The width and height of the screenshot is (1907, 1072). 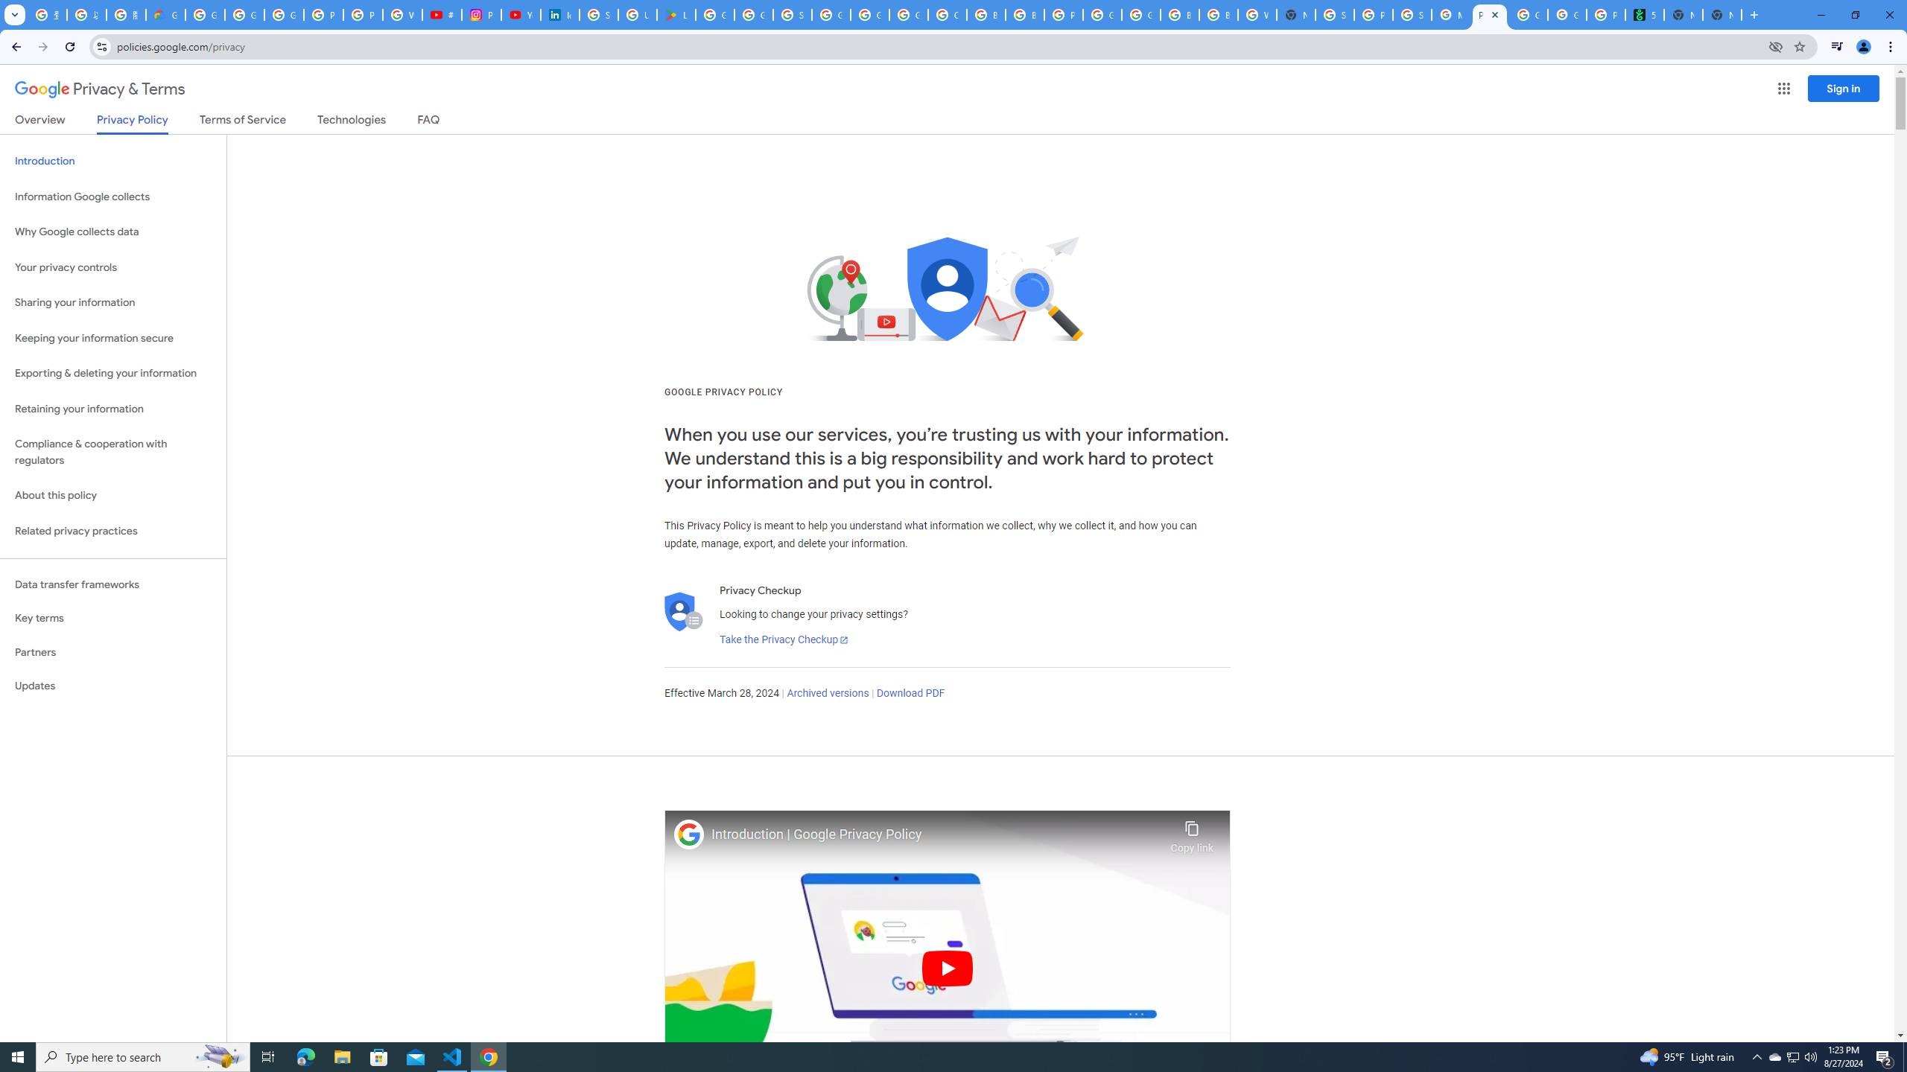 I want to click on 'Copy link', so click(x=1191, y=832).